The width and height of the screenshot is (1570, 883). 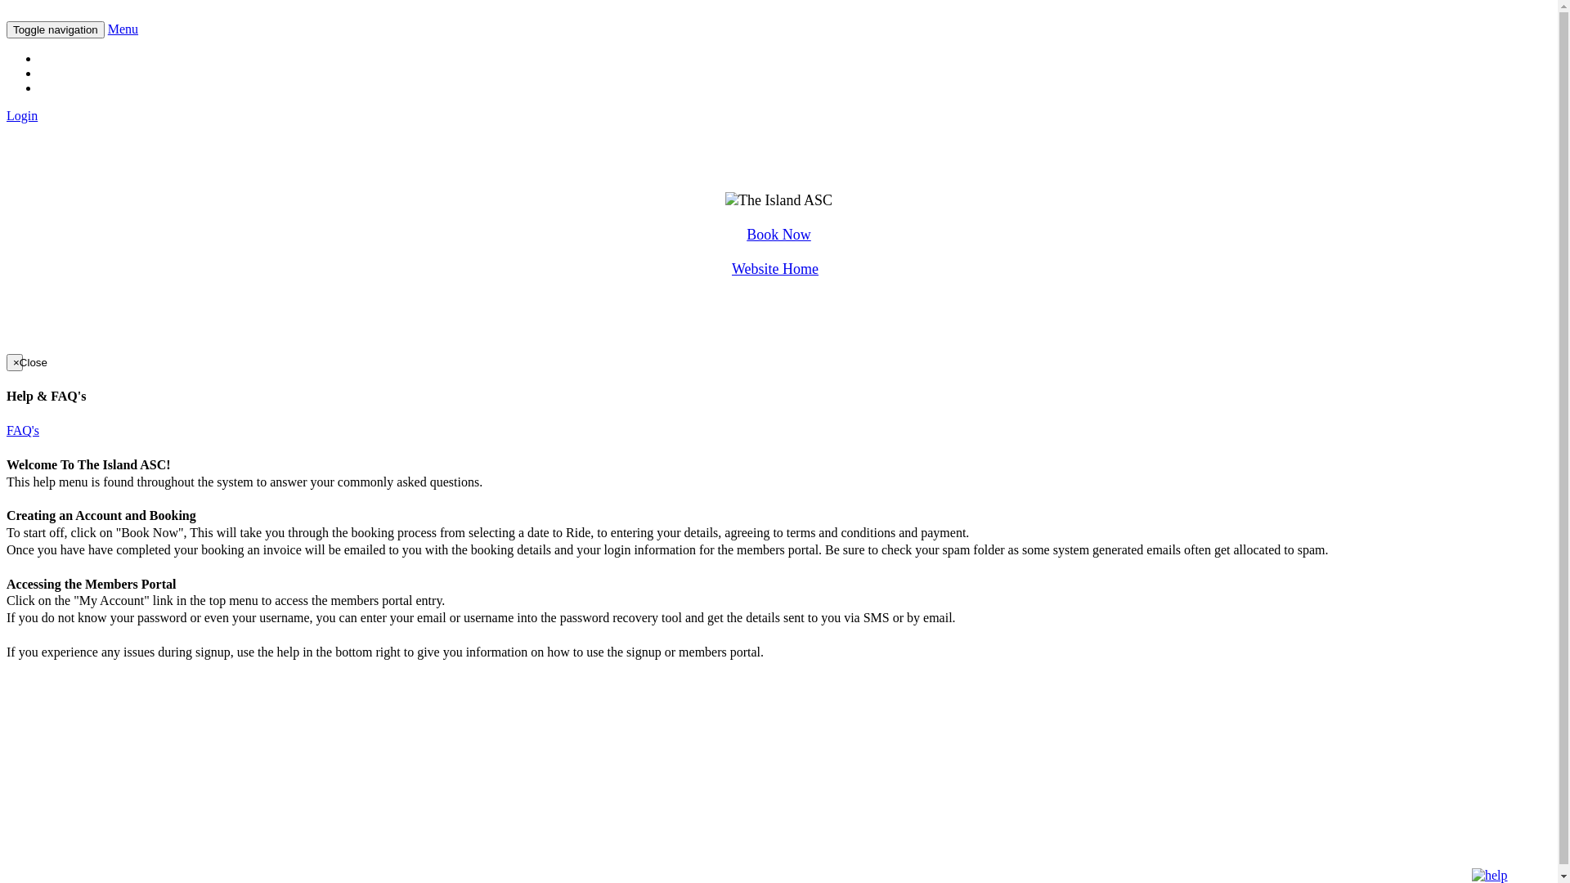 I want to click on 'Bookings', so click(x=64, y=57).